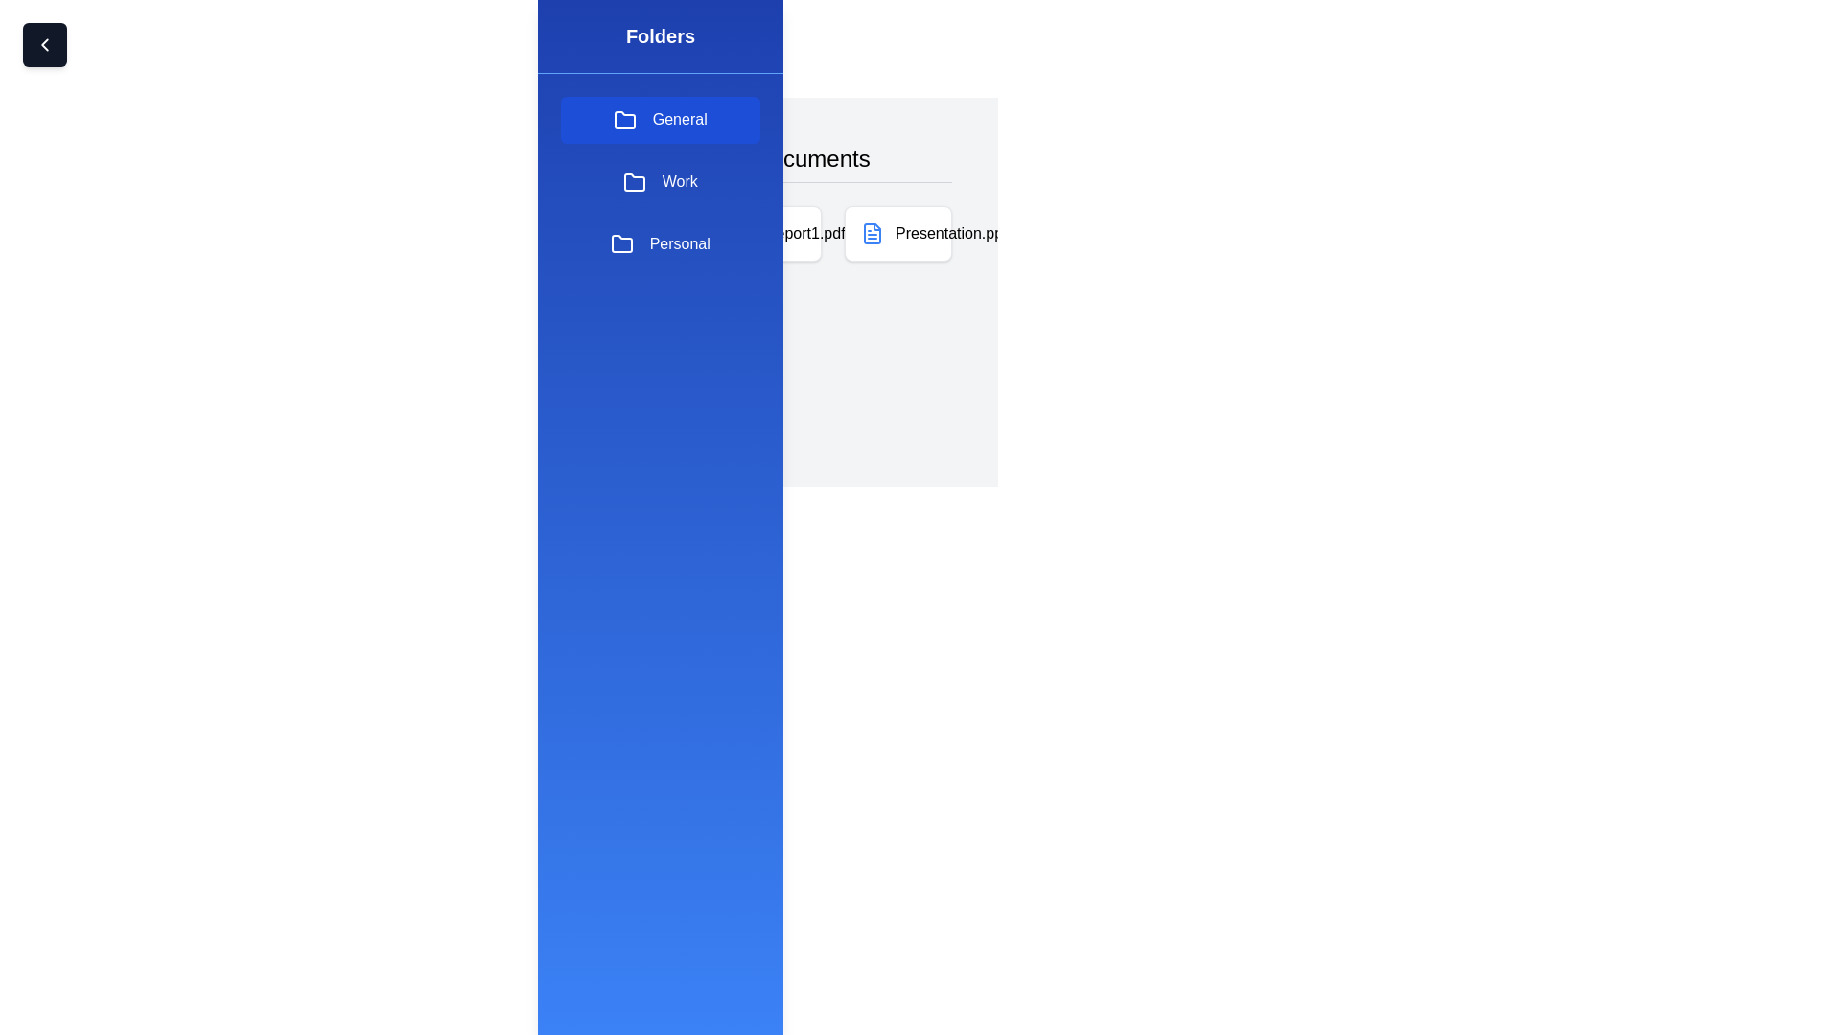 This screenshot has width=1841, height=1035. What do you see at coordinates (897, 232) in the screenshot?
I see `the 'Presentation.pptx' file card, the third card in a horizontal list of three files` at bounding box center [897, 232].